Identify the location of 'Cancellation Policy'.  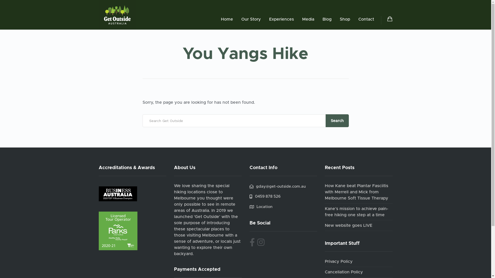
(324, 272).